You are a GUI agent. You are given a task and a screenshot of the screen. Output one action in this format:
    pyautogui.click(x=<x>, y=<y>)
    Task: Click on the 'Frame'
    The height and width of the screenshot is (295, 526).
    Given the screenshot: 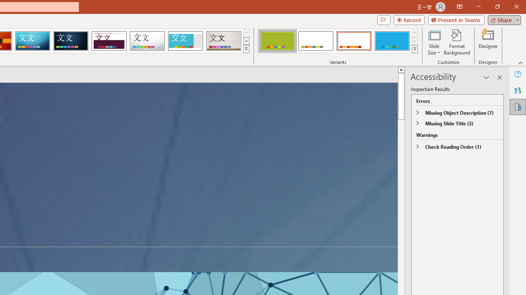 What is the action you would take?
    pyautogui.click(x=185, y=41)
    